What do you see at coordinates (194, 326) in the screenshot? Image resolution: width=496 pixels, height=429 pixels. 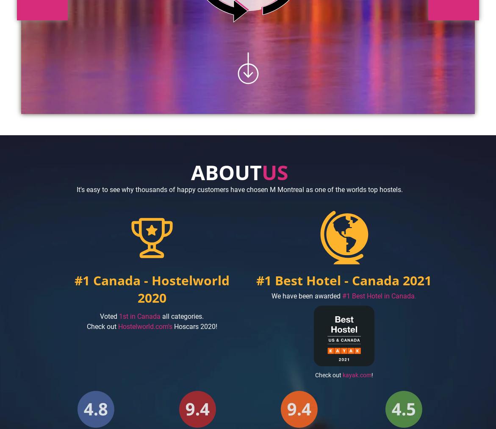 I see `'Hoscars 2020'` at bounding box center [194, 326].